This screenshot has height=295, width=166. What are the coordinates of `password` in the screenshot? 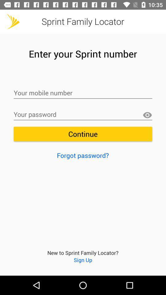 It's located at (147, 115).